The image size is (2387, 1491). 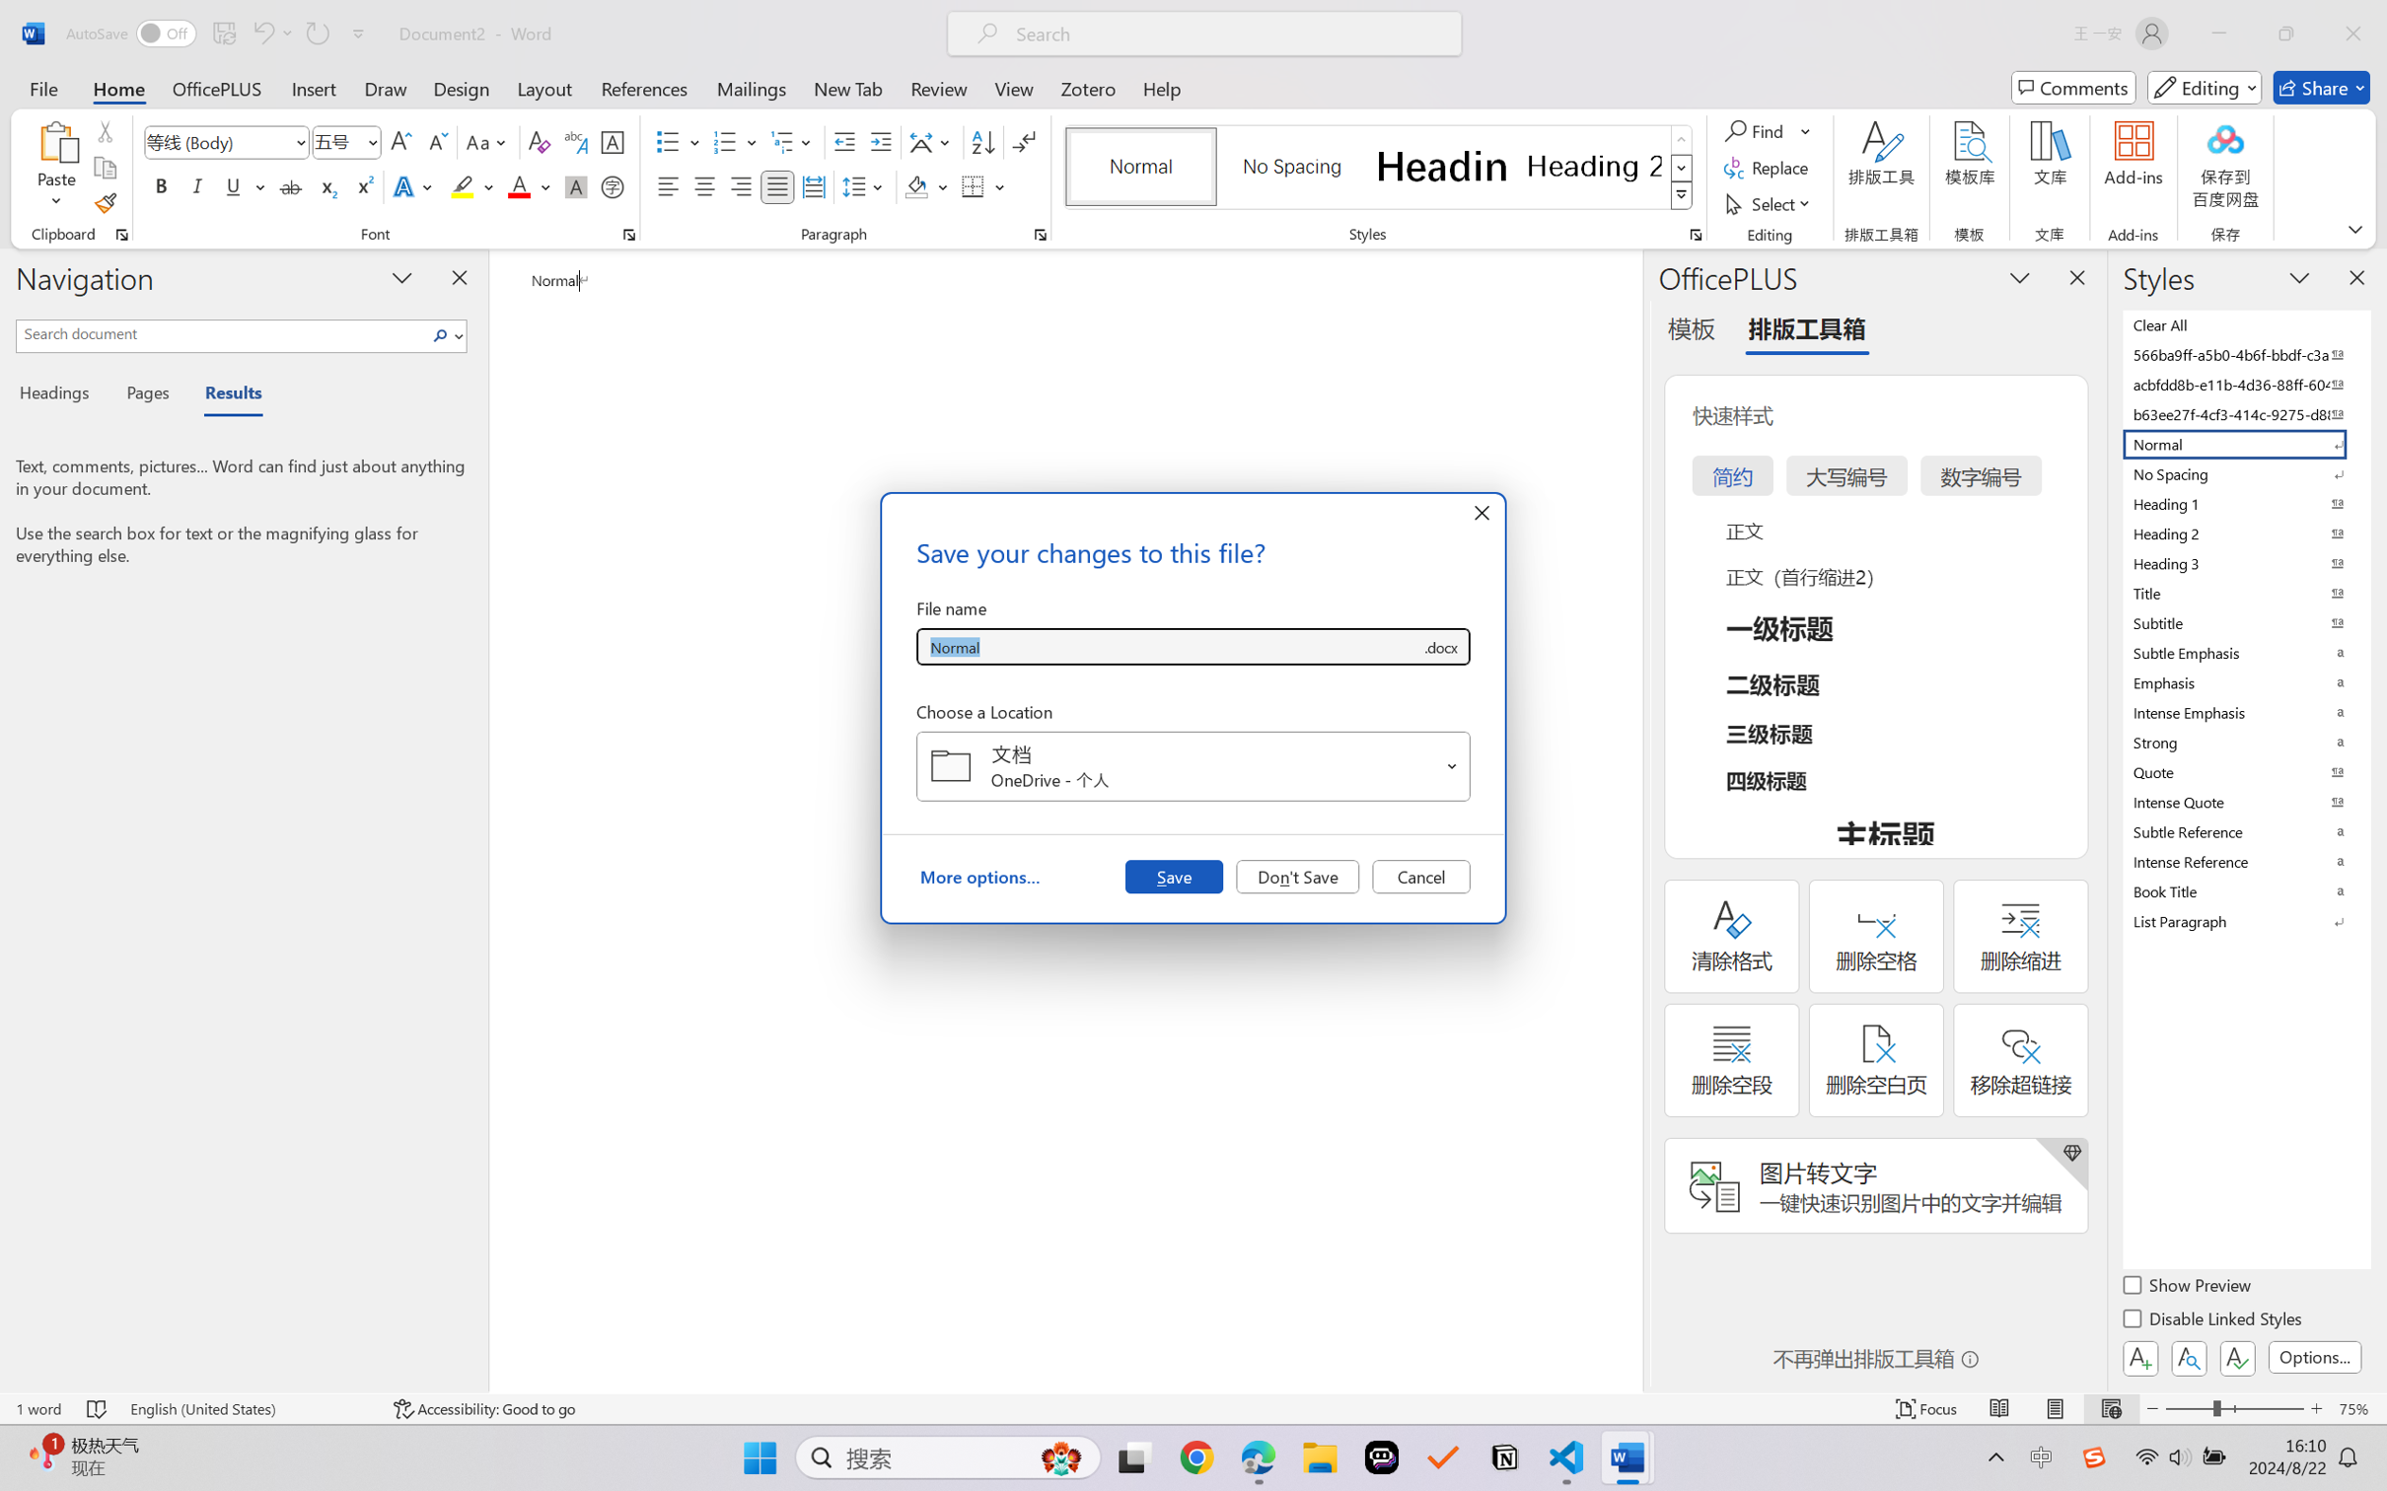 What do you see at coordinates (461, 87) in the screenshot?
I see `'Design'` at bounding box center [461, 87].